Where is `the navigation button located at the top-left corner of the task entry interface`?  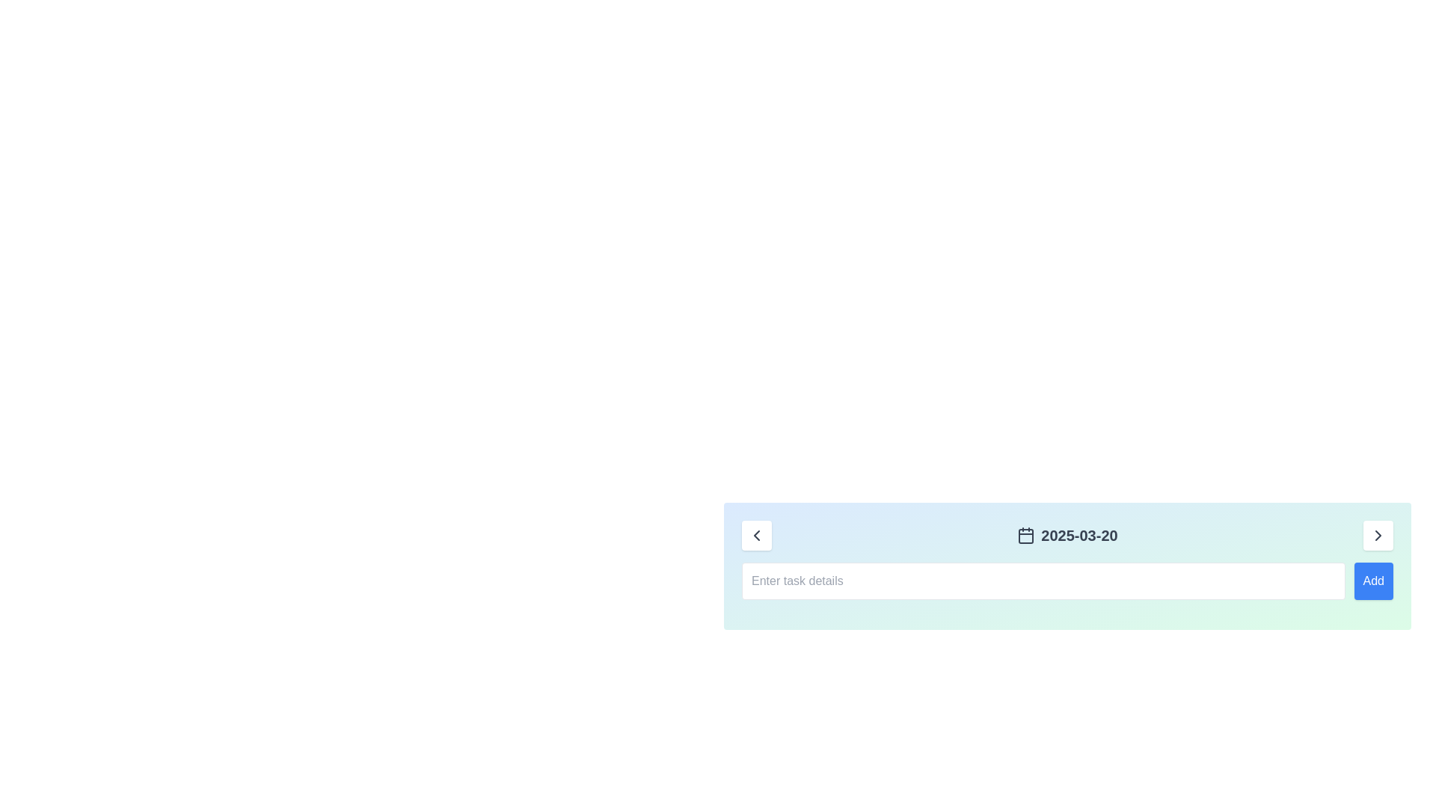
the navigation button located at the top-left corner of the task entry interface is located at coordinates (757, 535).